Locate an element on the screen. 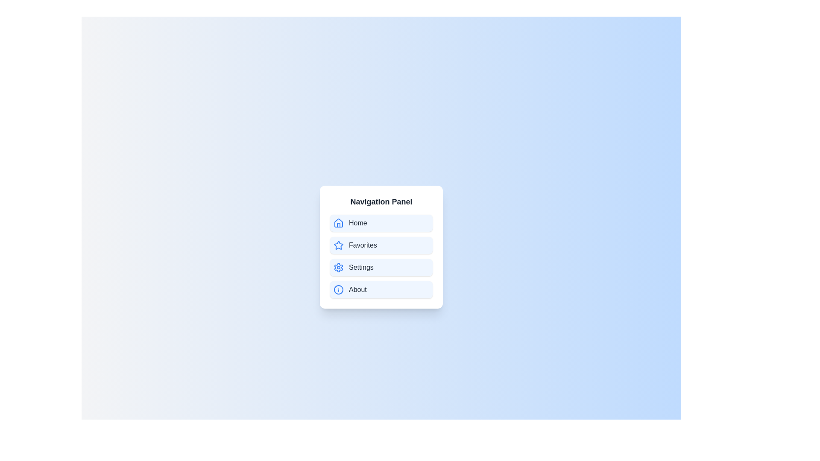 The height and width of the screenshot is (461, 820). the blue information icon with a circular outline located to the left of the 'About' text in the bottom-most item of the vertical navigation menu is located at coordinates (338, 289).